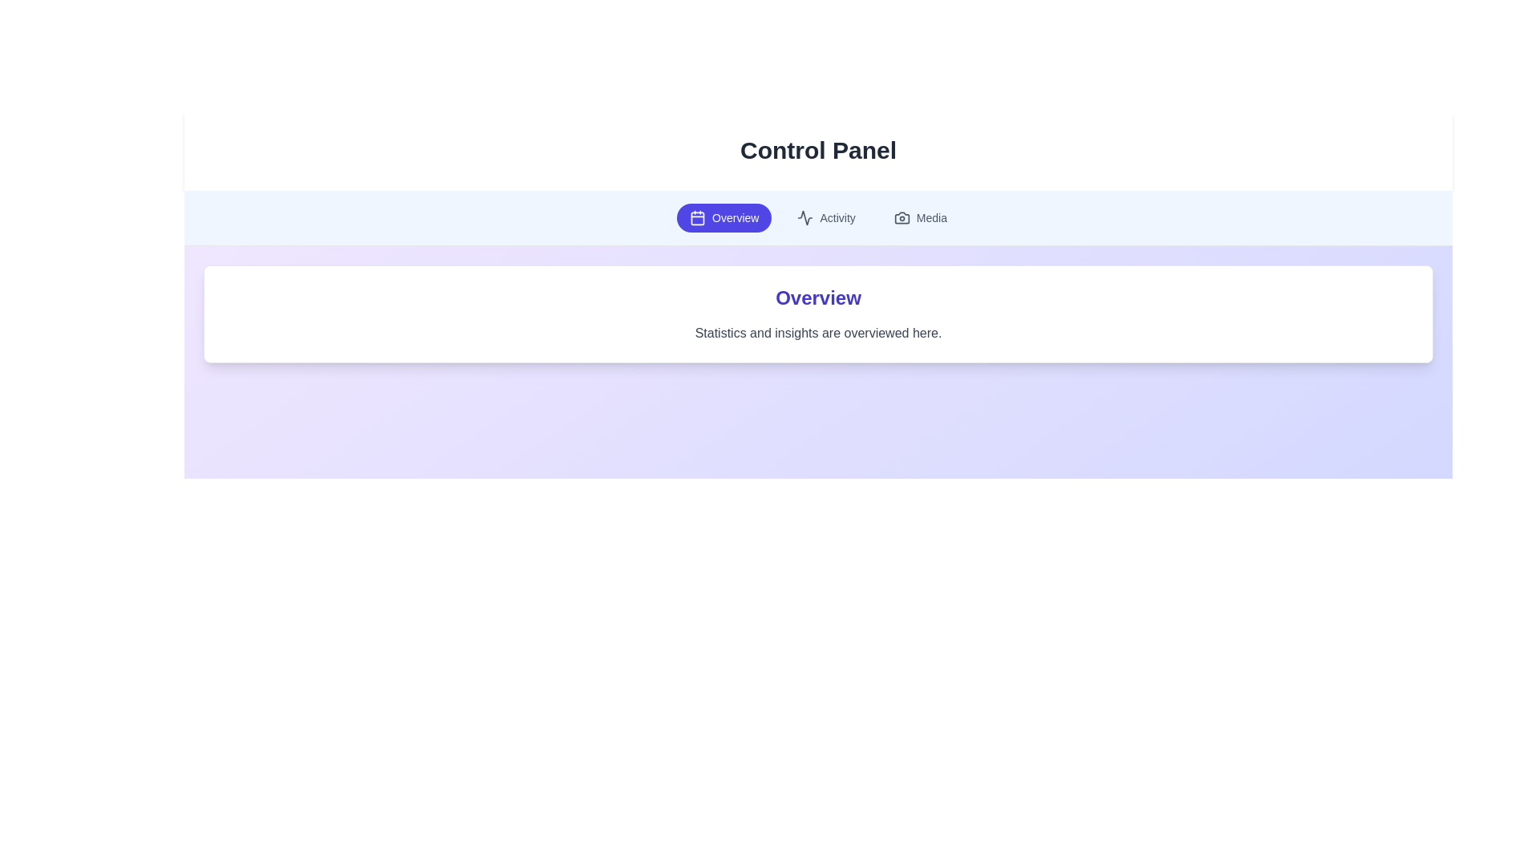 The width and height of the screenshot is (1540, 866). Describe the element at coordinates (902, 218) in the screenshot. I see `the camera icon element` at that location.